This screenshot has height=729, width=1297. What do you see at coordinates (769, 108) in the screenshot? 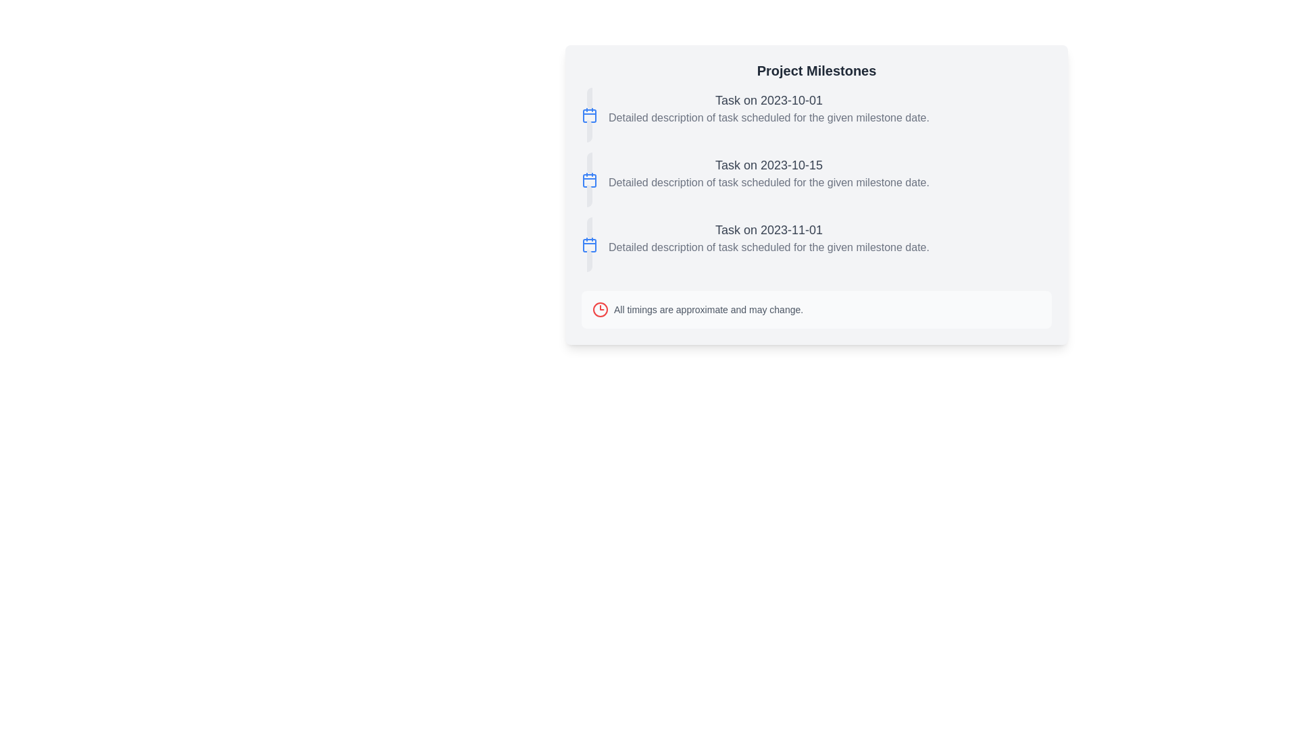
I see `the text block displaying 'Task on 2023-10-01' and its description 'Detailed description of task scheduled for the given milestone date.'` at bounding box center [769, 108].